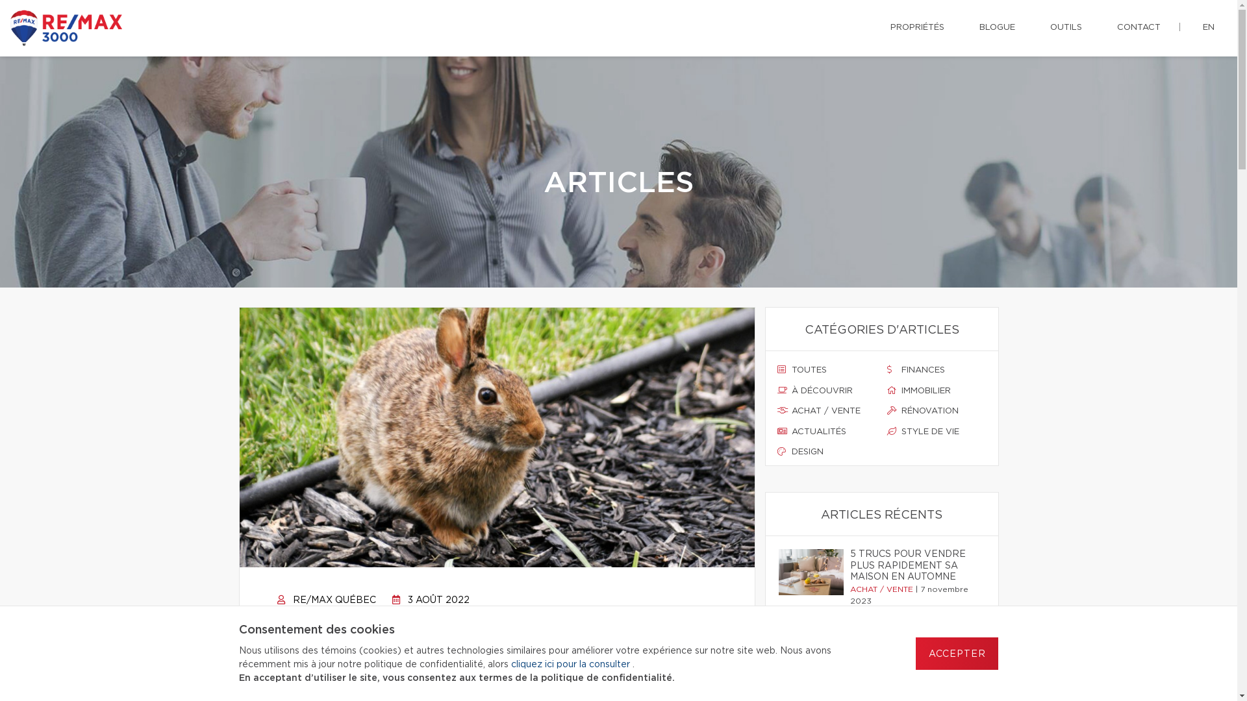 The width and height of the screenshot is (1247, 701). I want to click on 'CONTACT', so click(1106, 27).